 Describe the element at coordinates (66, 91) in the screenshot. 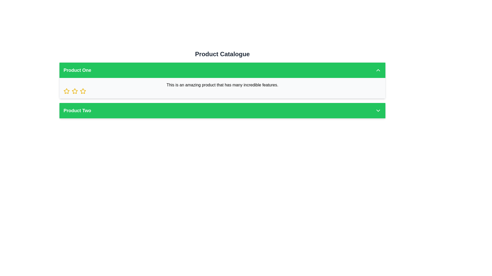

I see `the first star icon with a yellow outline and white interior, located under 'Product One', for reordering` at that location.